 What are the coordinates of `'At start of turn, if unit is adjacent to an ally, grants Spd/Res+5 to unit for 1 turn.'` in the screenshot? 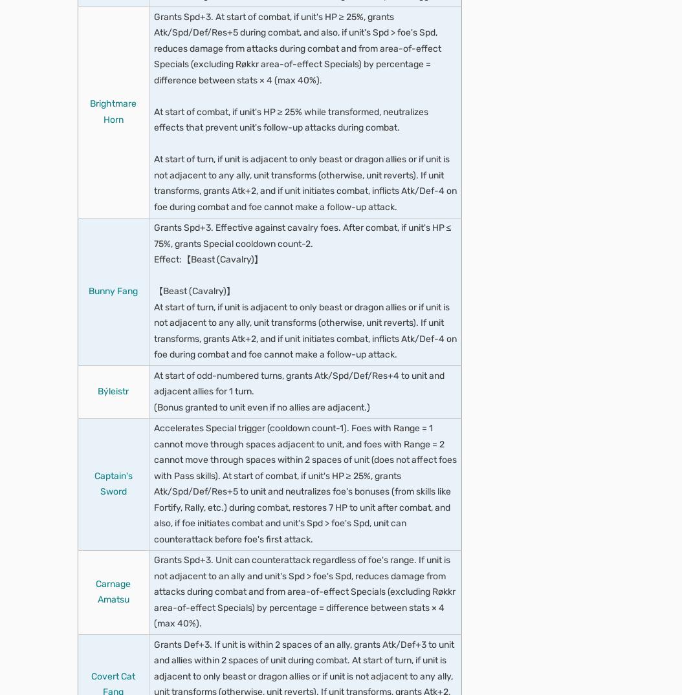 It's located at (307, 482).